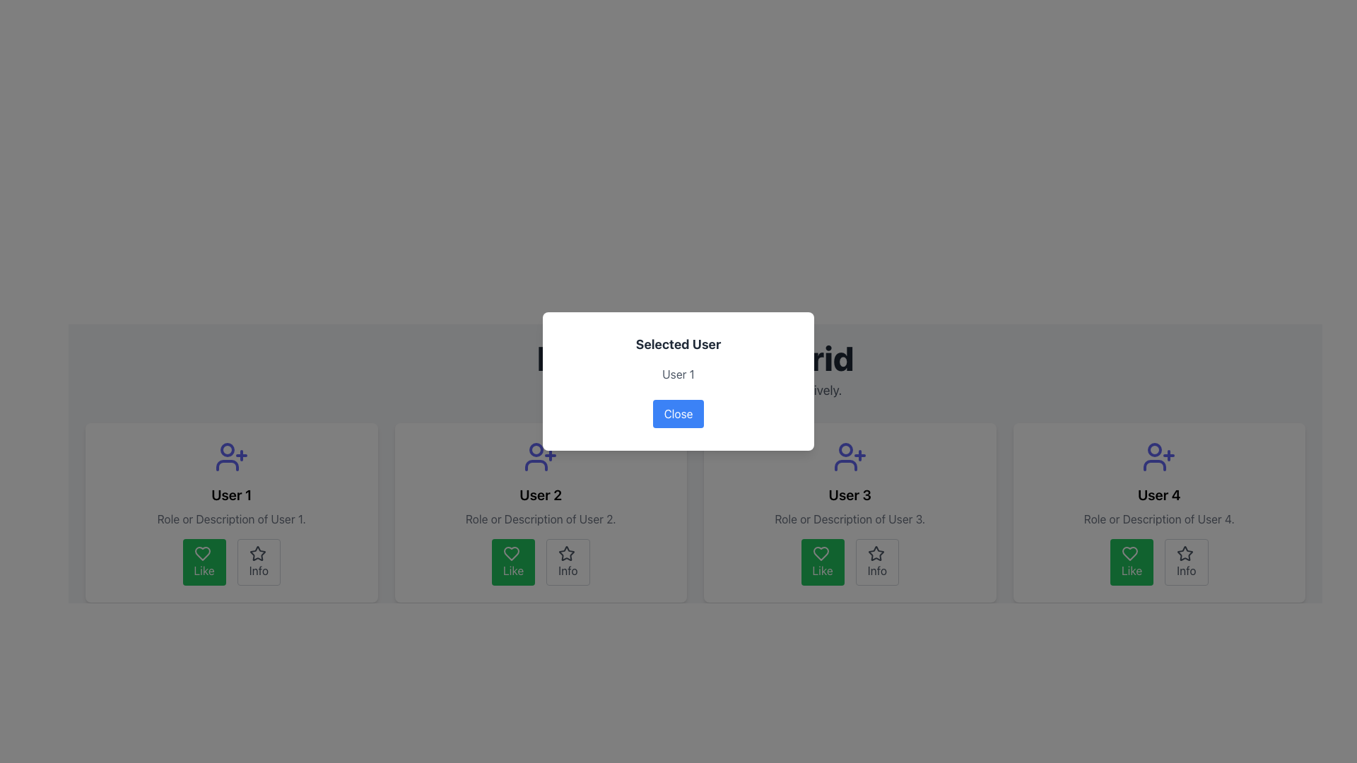  What do you see at coordinates (1185, 552) in the screenshot?
I see `icon that symbolizes the information feature associated with the 'Info' button, located at the bottom-right corner of the 'User 4' card` at bounding box center [1185, 552].